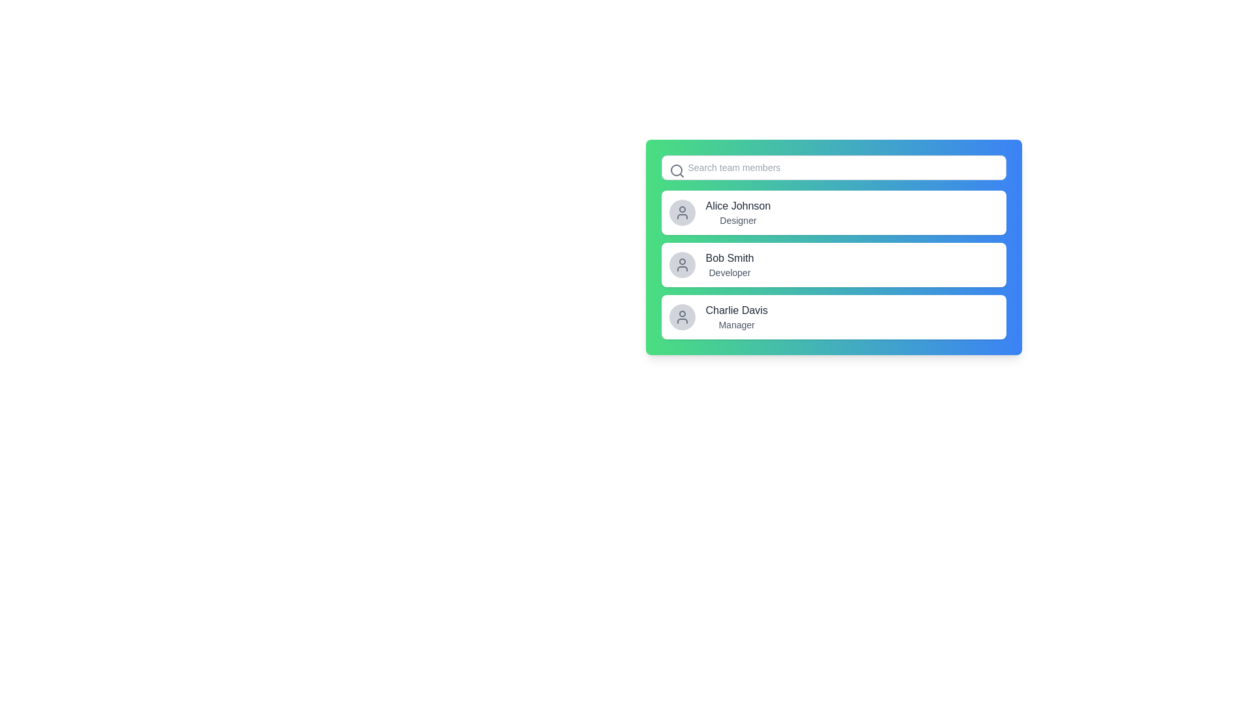 This screenshot has width=1254, height=705. Describe the element at coordinates (738, 212) in the screenshot. I see `the profile description label displaying a name and job title, which is part of a user list or team directory and is located within a card-like structure` at that location.